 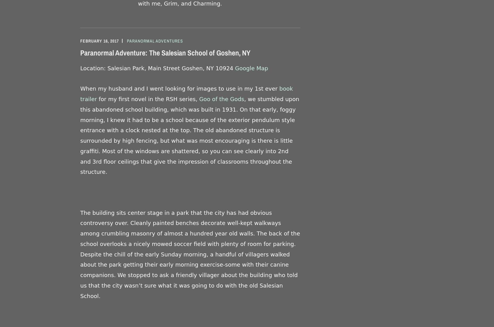 I want to click on ', we stumbled upon this abandoned school building, which was built in 1931. On that early, foggy morning, I knew it had to be a school because of the exterior pendulum style entrance with a clock nested at the top. The old abandoned structure is surrounded by high fencing, but what was most encouraging is there is little graffiti. Most of the windows are shattered, so you can see clearly into 2nd and 3rd floor ceilings that give the impression of classrooms throughout the structure.', so click(x=190, y=135).